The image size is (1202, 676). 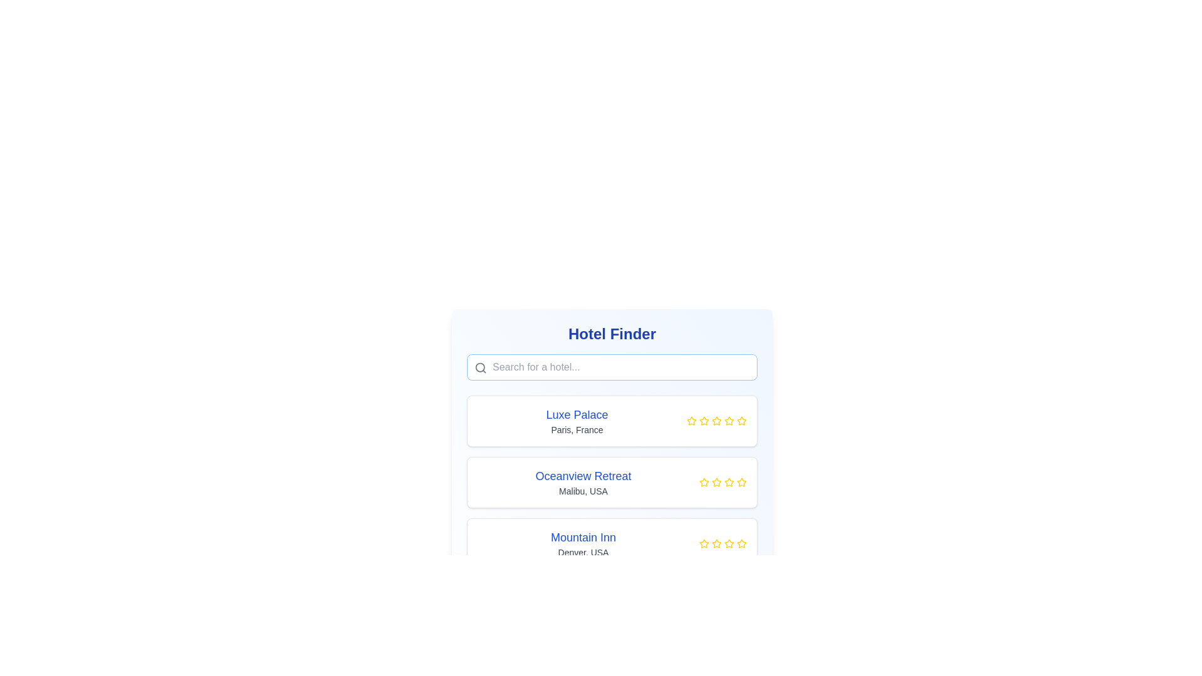 What do you see at coordinates (717, 482) in the screenshot?
I see `the third star icon in the five-star rating system for the hotel entry 'Oceanview Retreat', which is located in the second card of the hotel options list` at bounding box center [717, 482].